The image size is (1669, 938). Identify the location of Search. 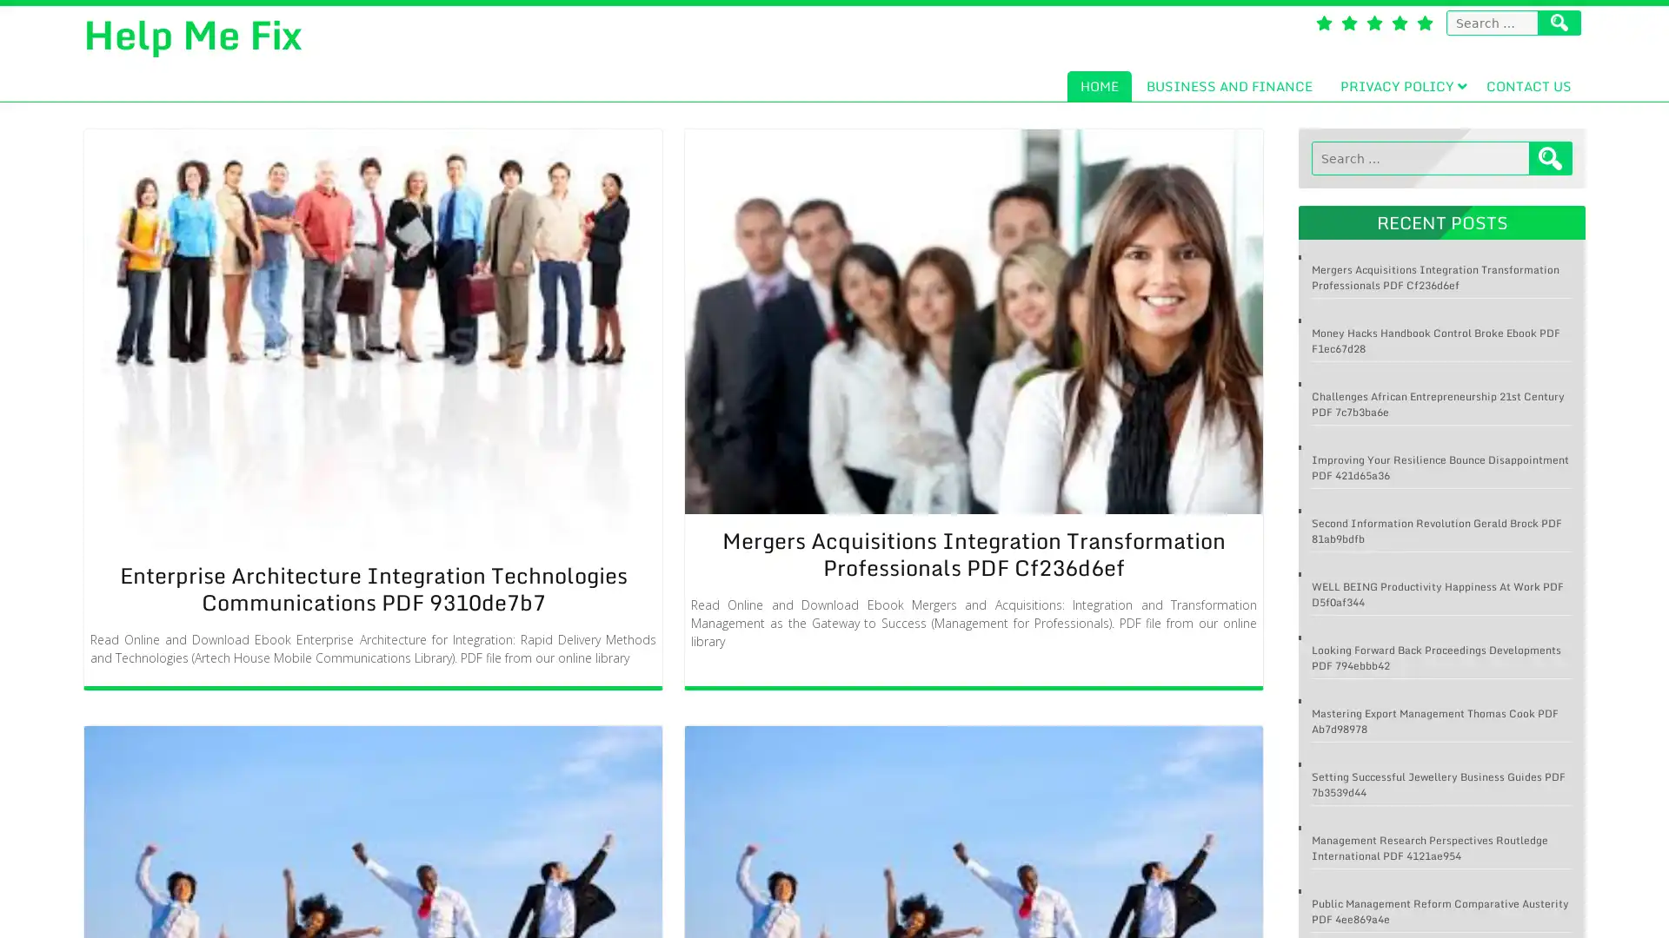
(1559, 23).